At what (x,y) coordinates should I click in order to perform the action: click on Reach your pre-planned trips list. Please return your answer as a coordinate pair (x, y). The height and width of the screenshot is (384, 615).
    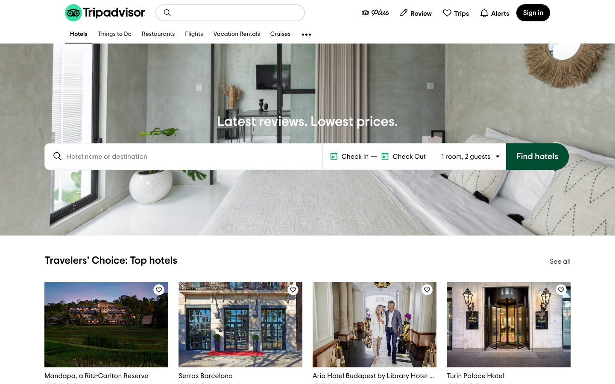
    Looking at the image, I should click on (456, 12).